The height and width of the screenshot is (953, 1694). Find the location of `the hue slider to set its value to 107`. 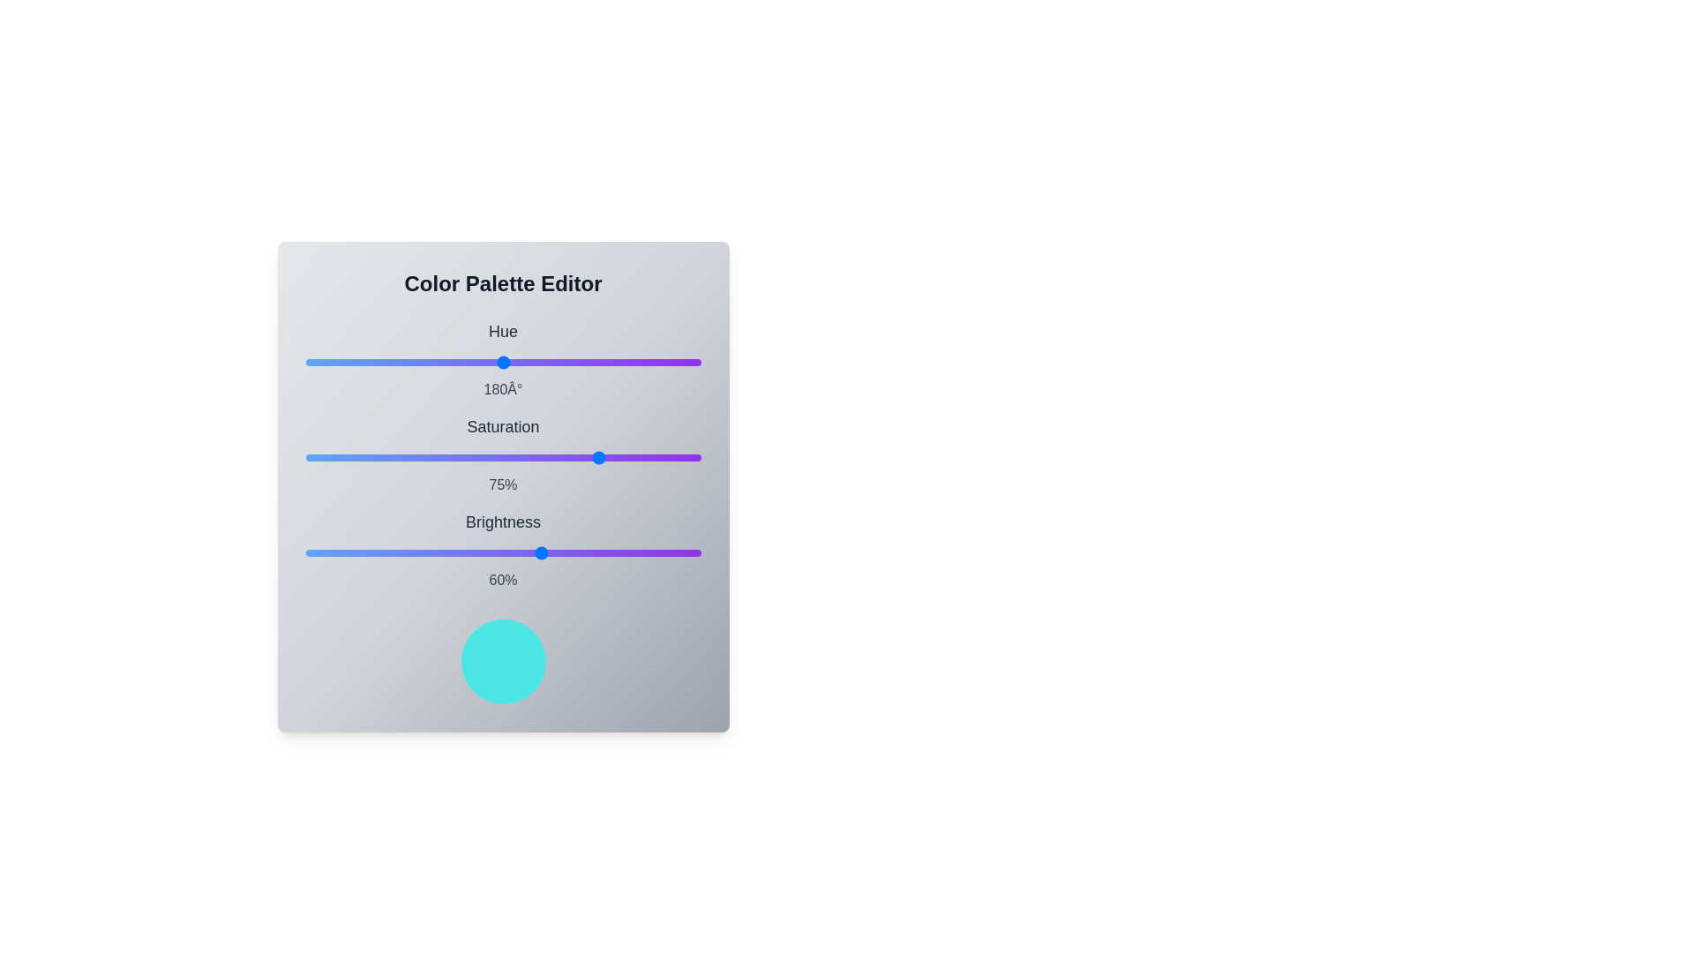

the hue slider to set its value to 107 is located at coordinates (422, 362).